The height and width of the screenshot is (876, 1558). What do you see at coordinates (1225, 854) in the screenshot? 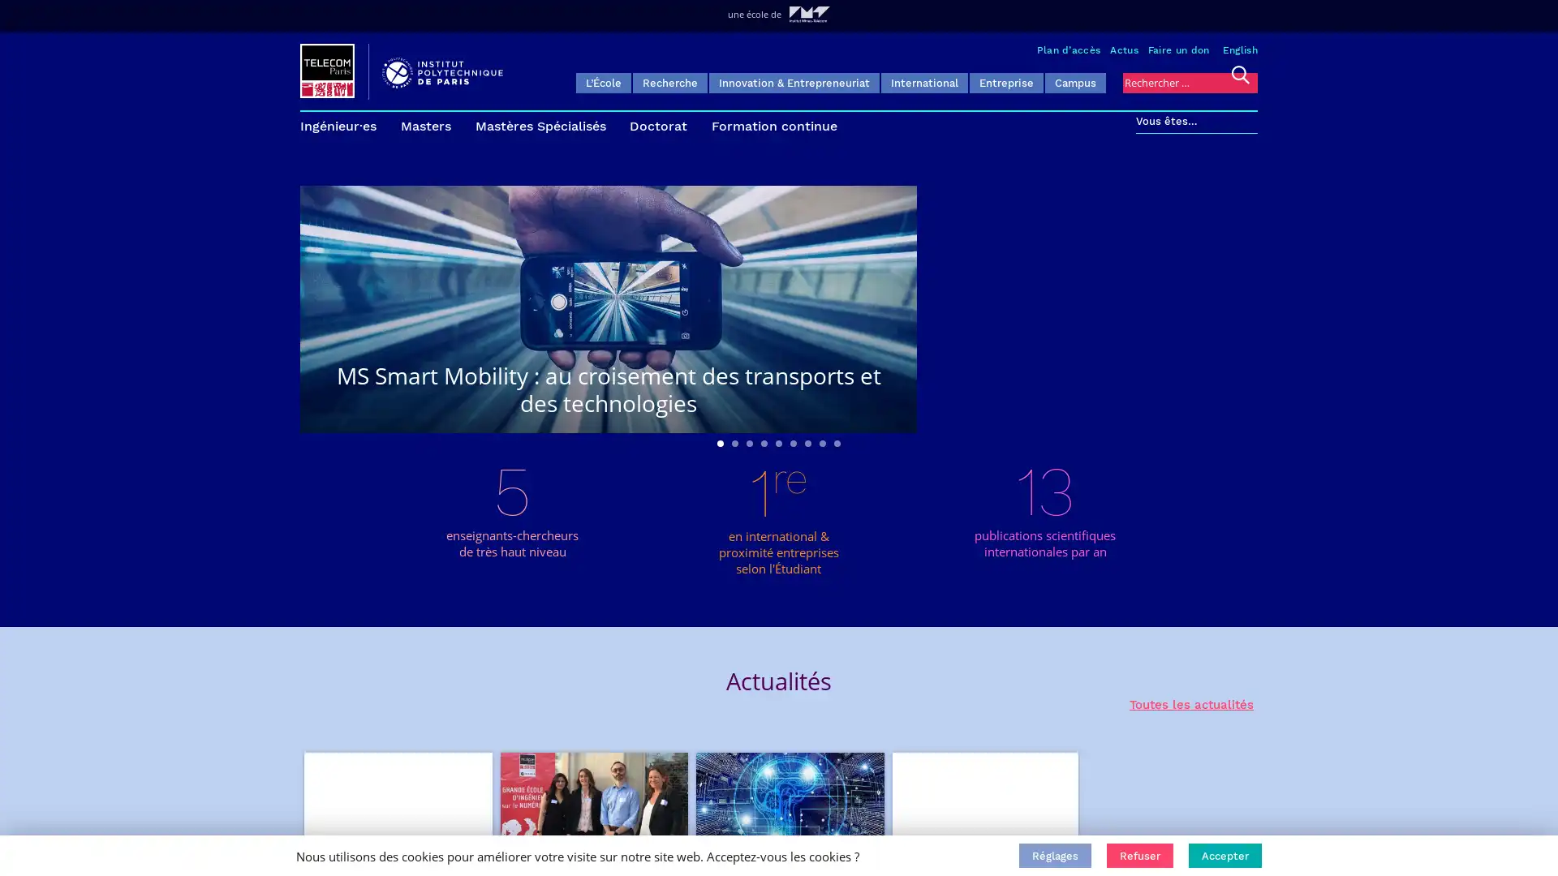
I see `Accepter` at bounding box center [1225, 854].